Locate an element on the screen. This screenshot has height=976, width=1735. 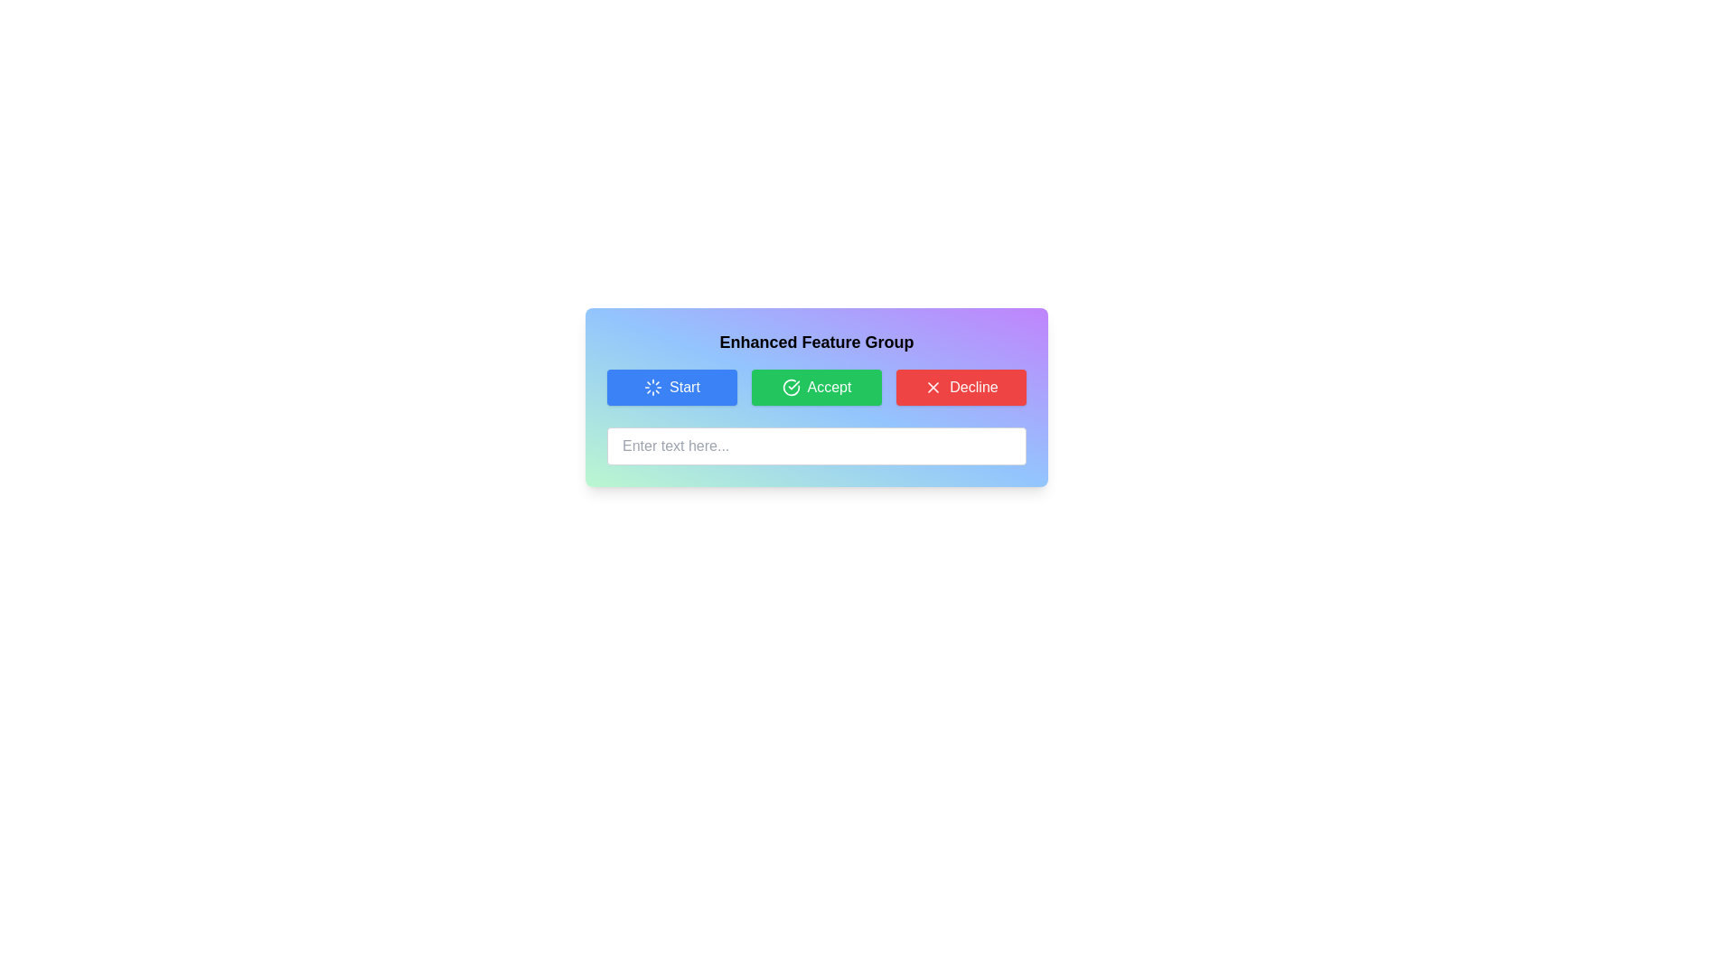
the text label that displays 'Start' in white text on a blue button located in the top-left section of the interface, positioned next to a loading spinner icon is located at coordinates (684, 386).